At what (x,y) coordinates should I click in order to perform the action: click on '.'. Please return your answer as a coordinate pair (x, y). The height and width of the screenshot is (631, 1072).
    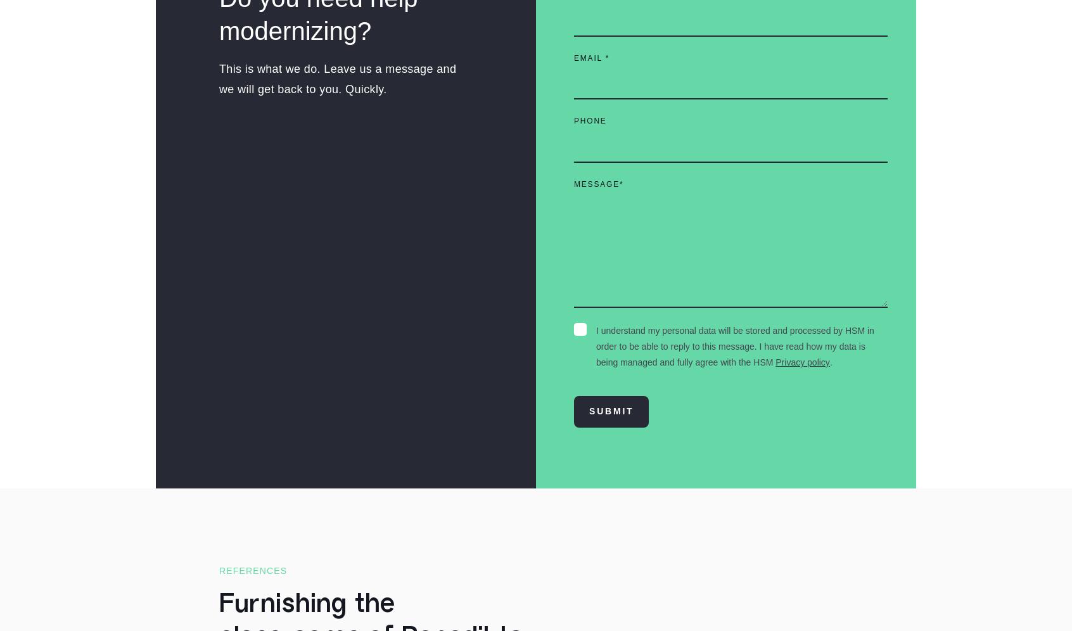
    Looking at the image, I should click on (829, 361).